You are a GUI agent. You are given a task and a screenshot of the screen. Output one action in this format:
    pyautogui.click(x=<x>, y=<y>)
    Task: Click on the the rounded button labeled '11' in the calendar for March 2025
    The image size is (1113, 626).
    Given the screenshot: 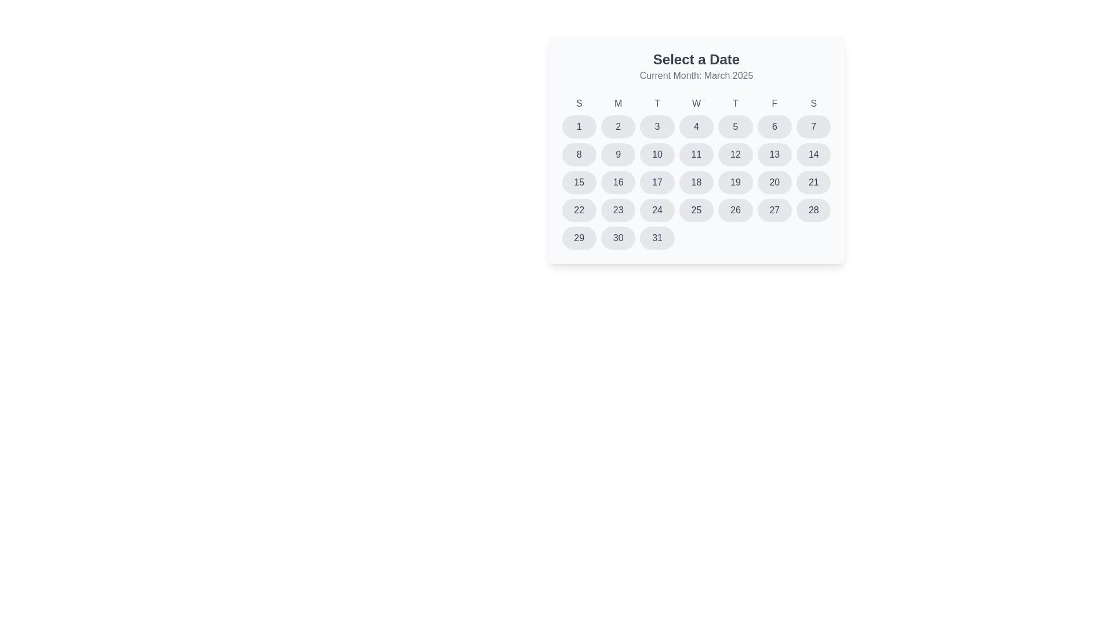 What is the action you would take?
    pyautogui.click(x=696, y=154)
    